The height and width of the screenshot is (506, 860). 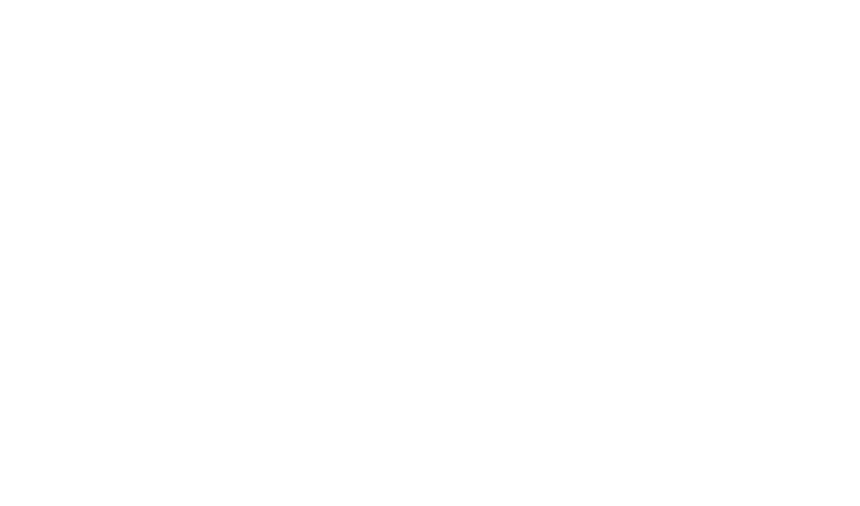 I want to click on 'Family stay in Alsace', so click(x=339, y=82).